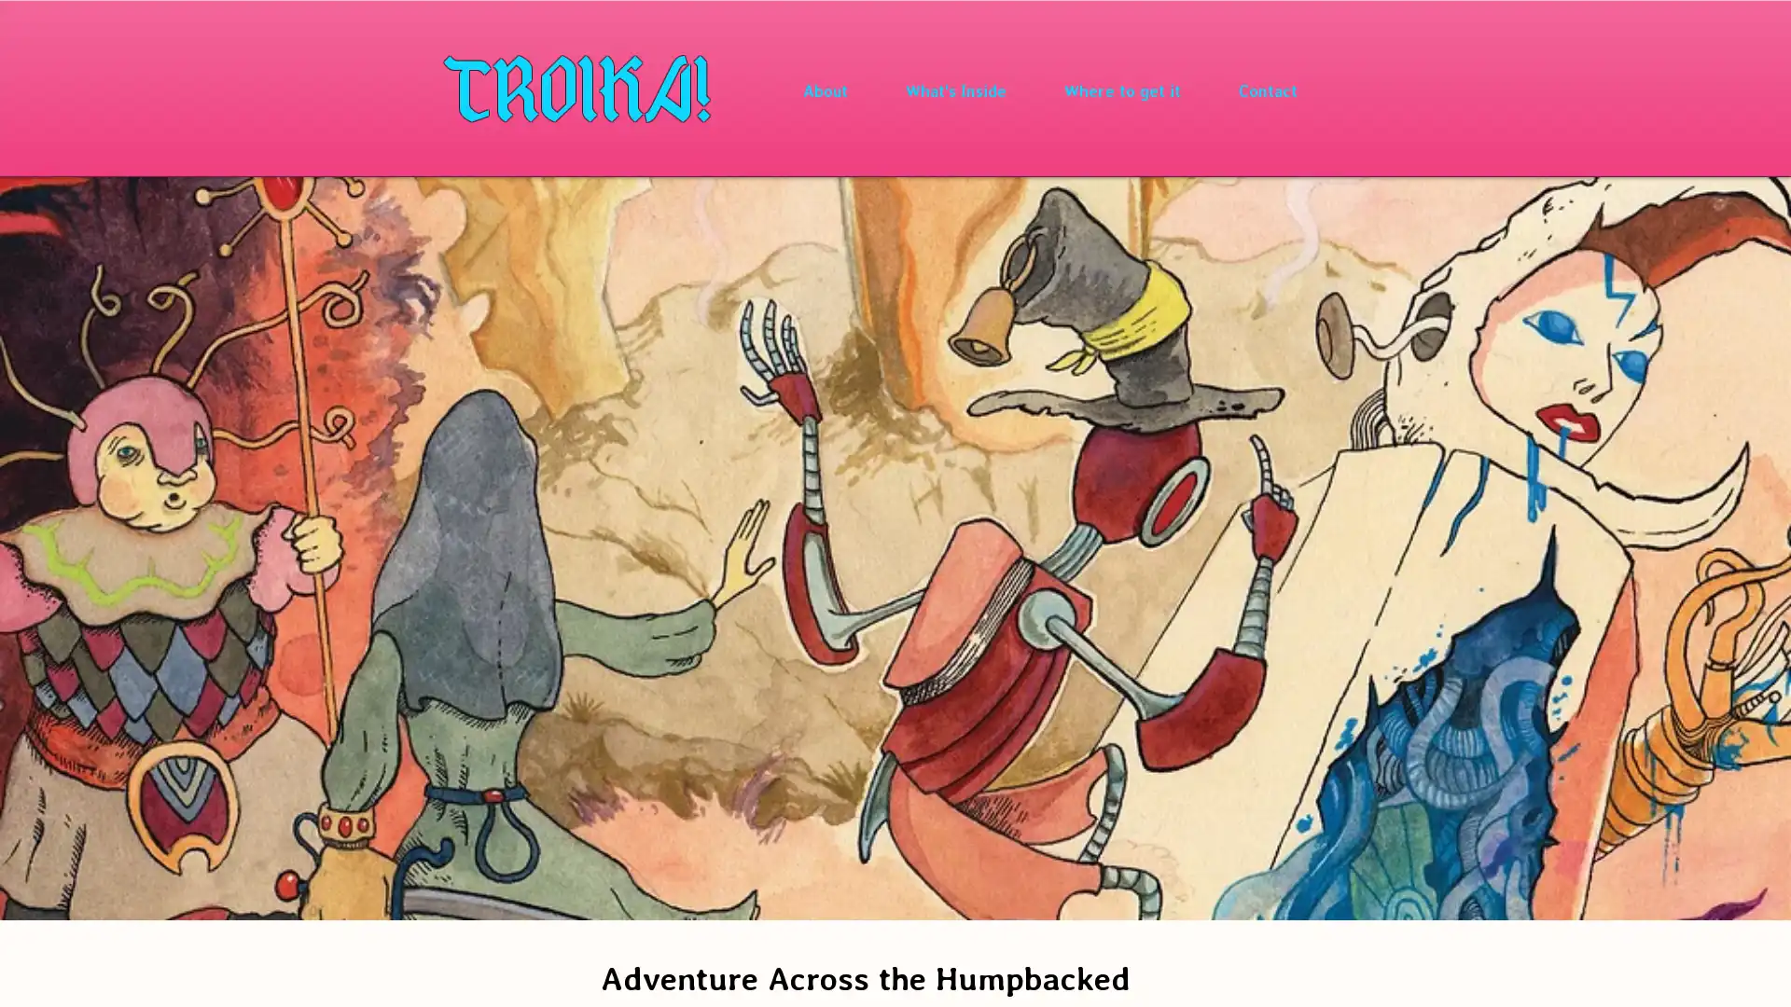 The height and width of the screenshot is (1007, 1791). What do you see at coordinates (1707, 973) in the screenshot?
I see `Accept` at bounding box center [1707, 973].